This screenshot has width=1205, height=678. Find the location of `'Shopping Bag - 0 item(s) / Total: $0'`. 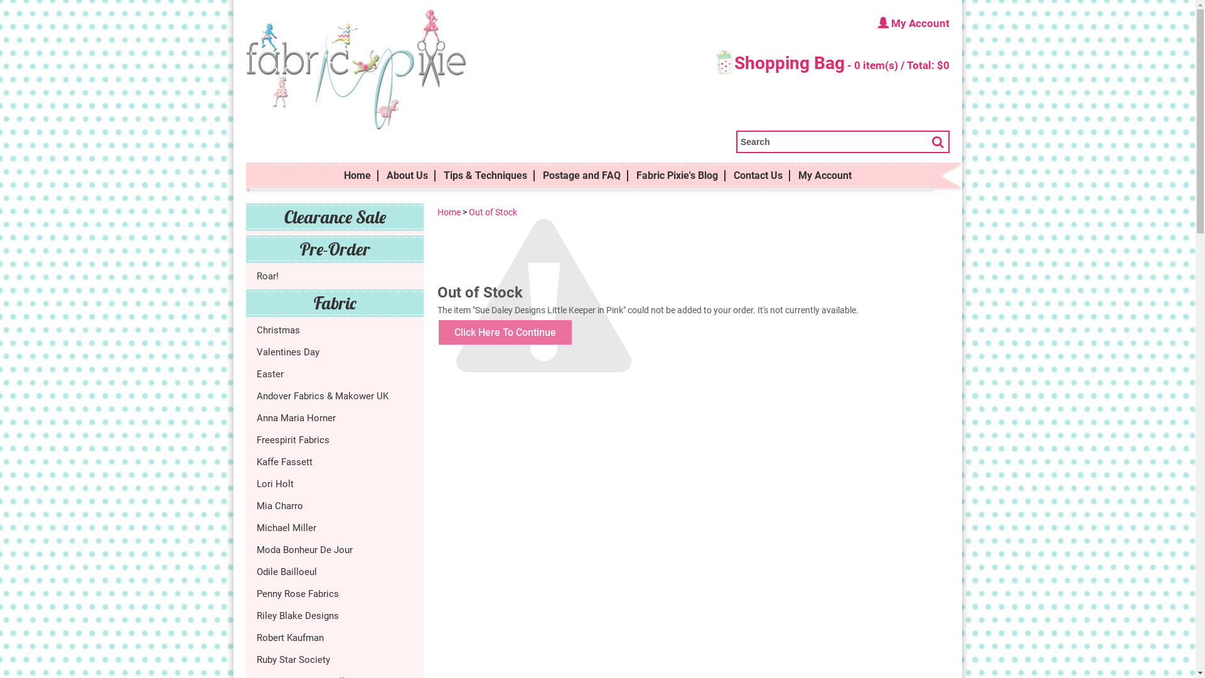

'Shopping Bag - 0 item(s) / Total: $0' is located at coordinates (832, 65).